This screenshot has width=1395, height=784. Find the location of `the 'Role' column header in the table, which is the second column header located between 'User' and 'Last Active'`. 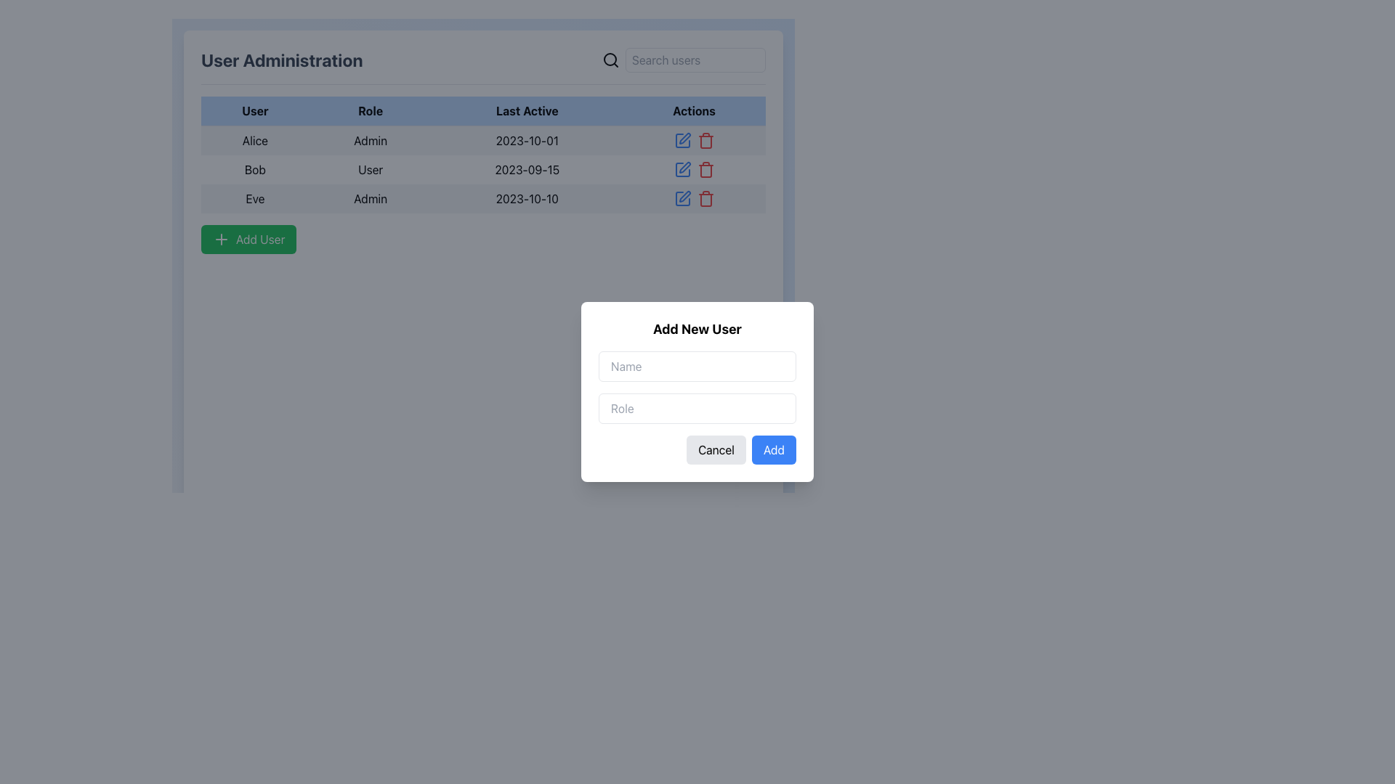

the 'Role' column header in the table, which is the second column header located between 'User' and 'Last Active' is located at coordinates (371, 110).